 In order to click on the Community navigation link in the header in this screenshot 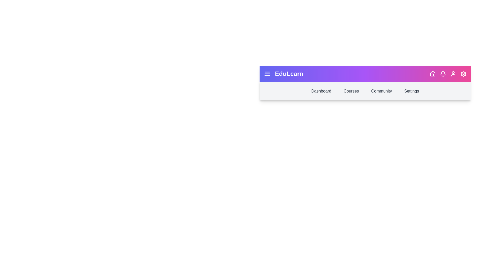, I will do `click(381, 91)`.